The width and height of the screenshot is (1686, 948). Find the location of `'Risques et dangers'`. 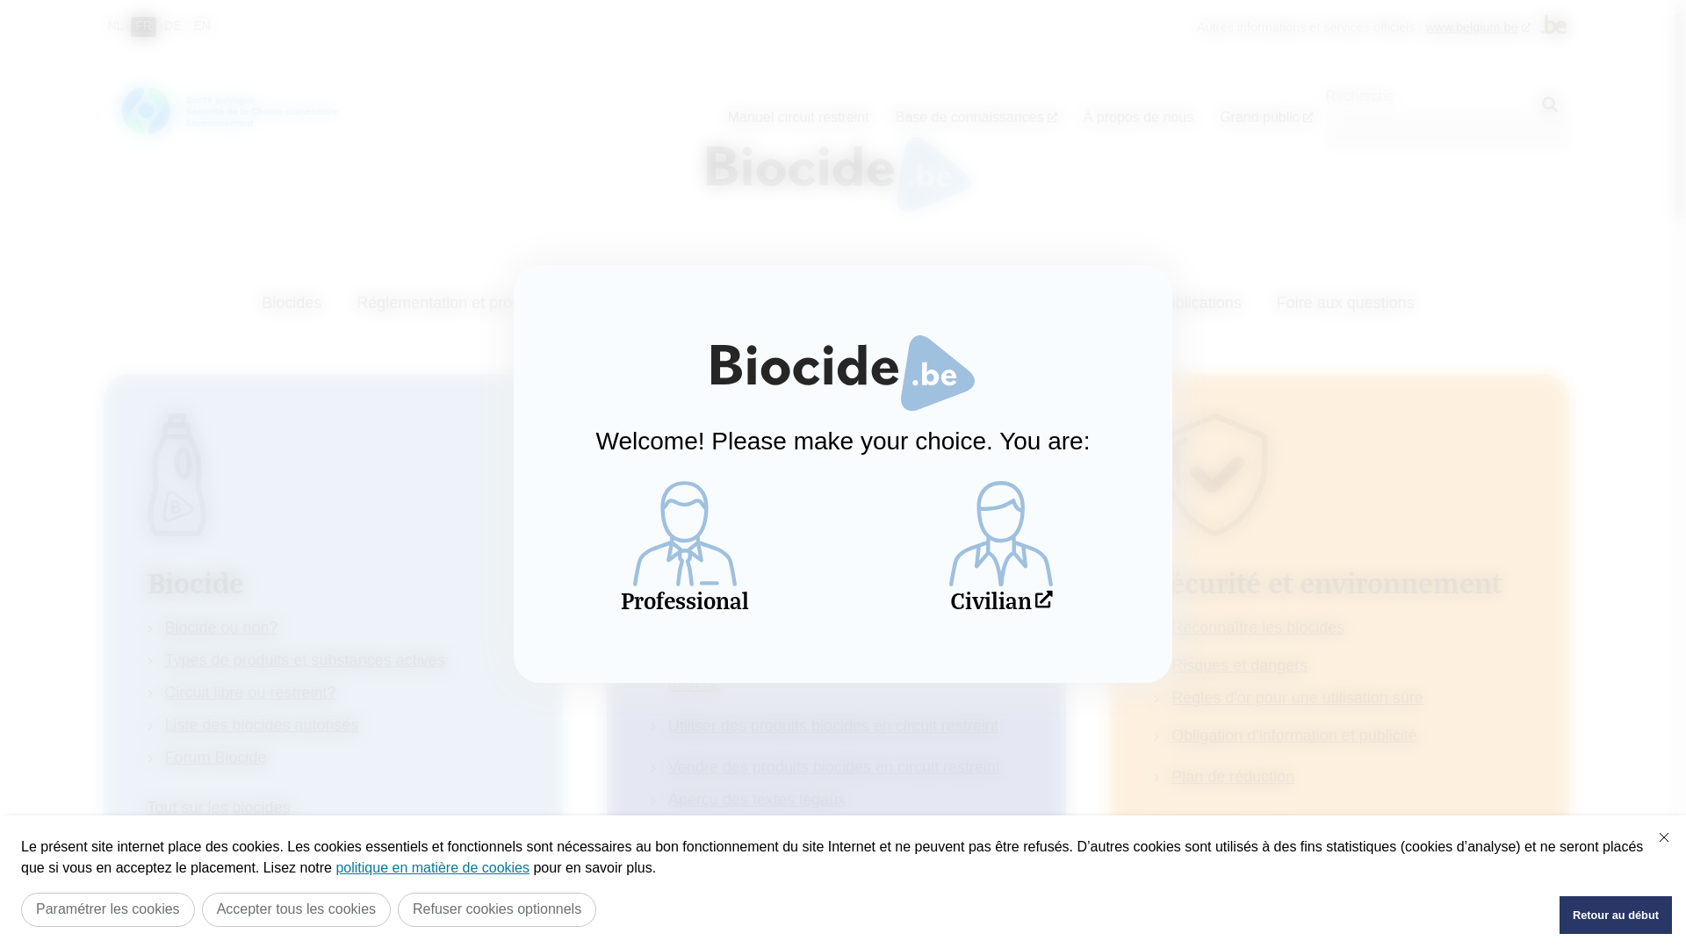

'Risques et dangers' is located at coordinates (1238, 665).